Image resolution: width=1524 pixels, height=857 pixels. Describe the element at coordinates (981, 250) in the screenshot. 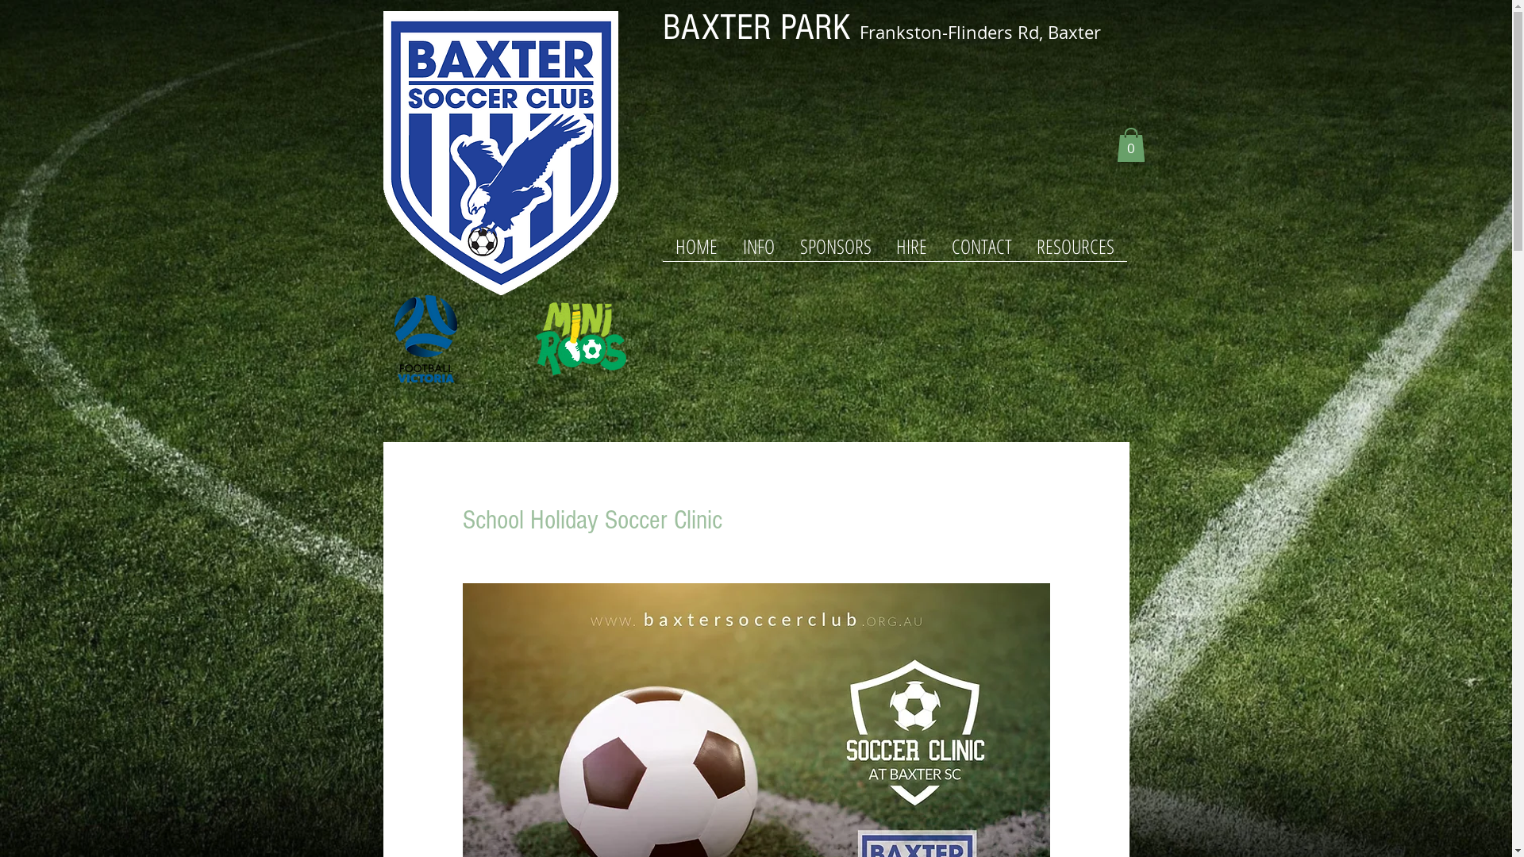

I see `'CONTACT'` at that location.